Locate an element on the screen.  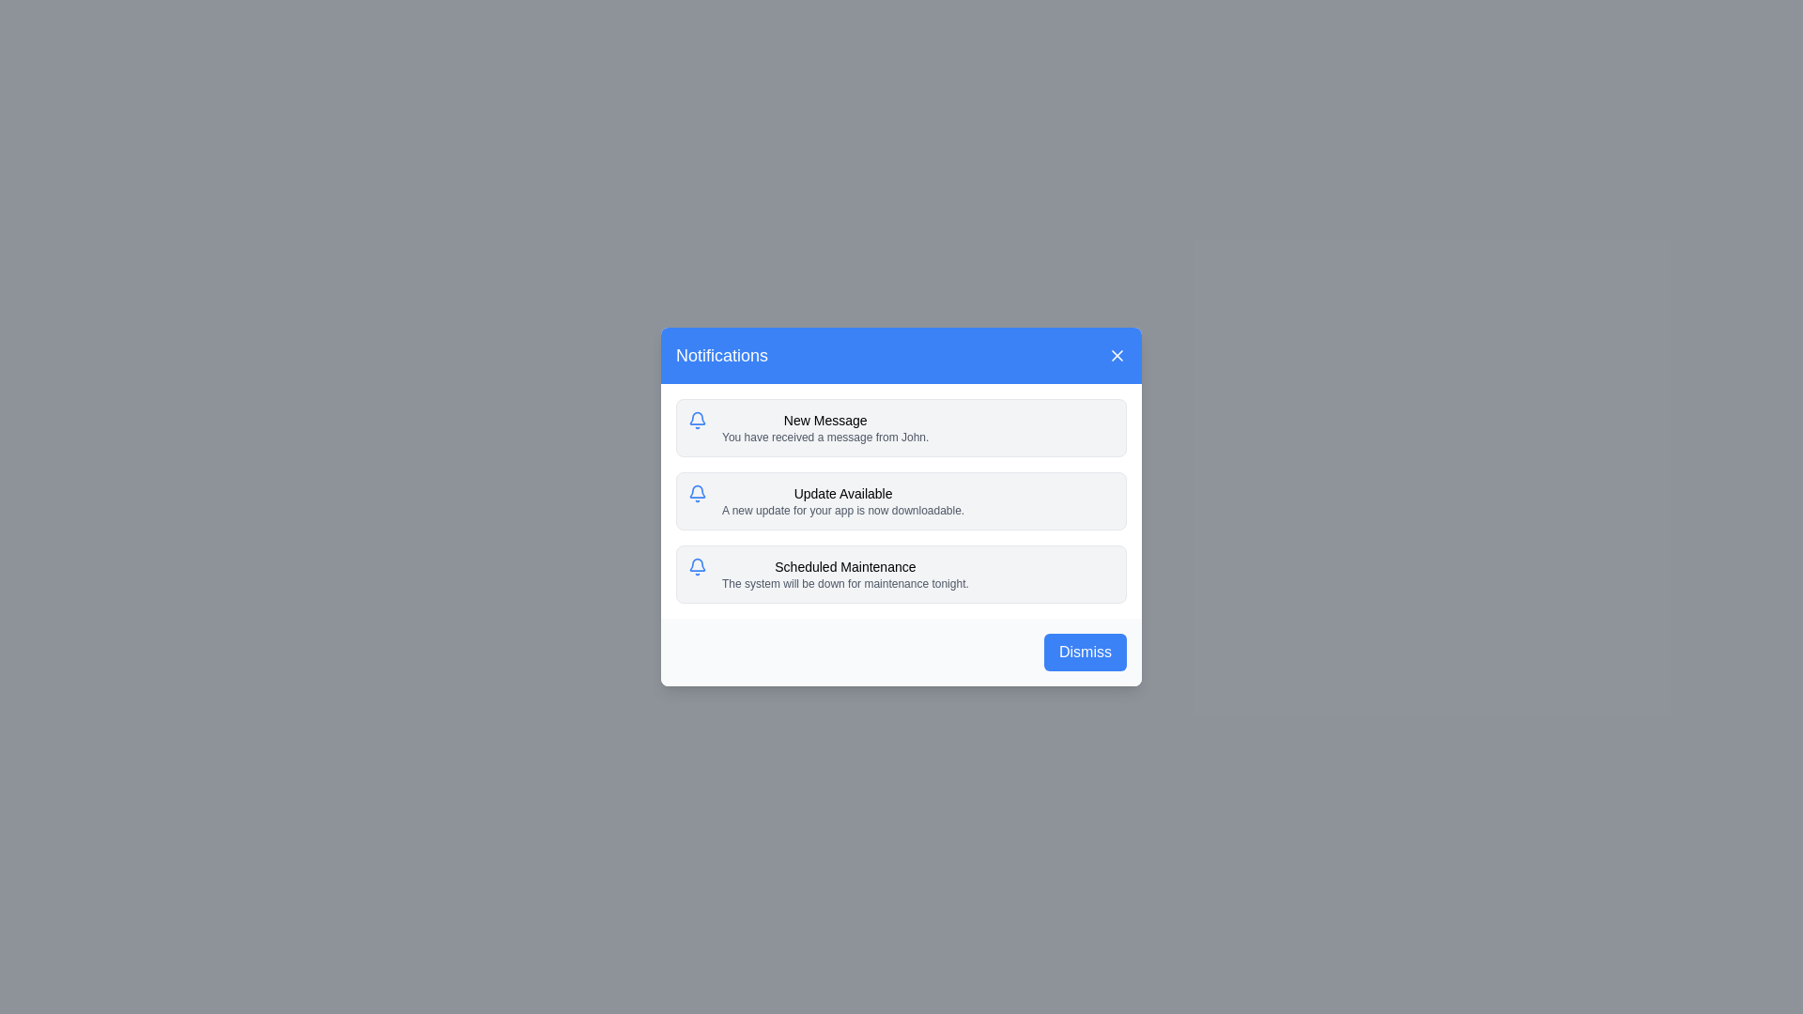
the Close Button located at the top-right corner of the blue header bar of the notification modal is located at coordinates (1117, 355).